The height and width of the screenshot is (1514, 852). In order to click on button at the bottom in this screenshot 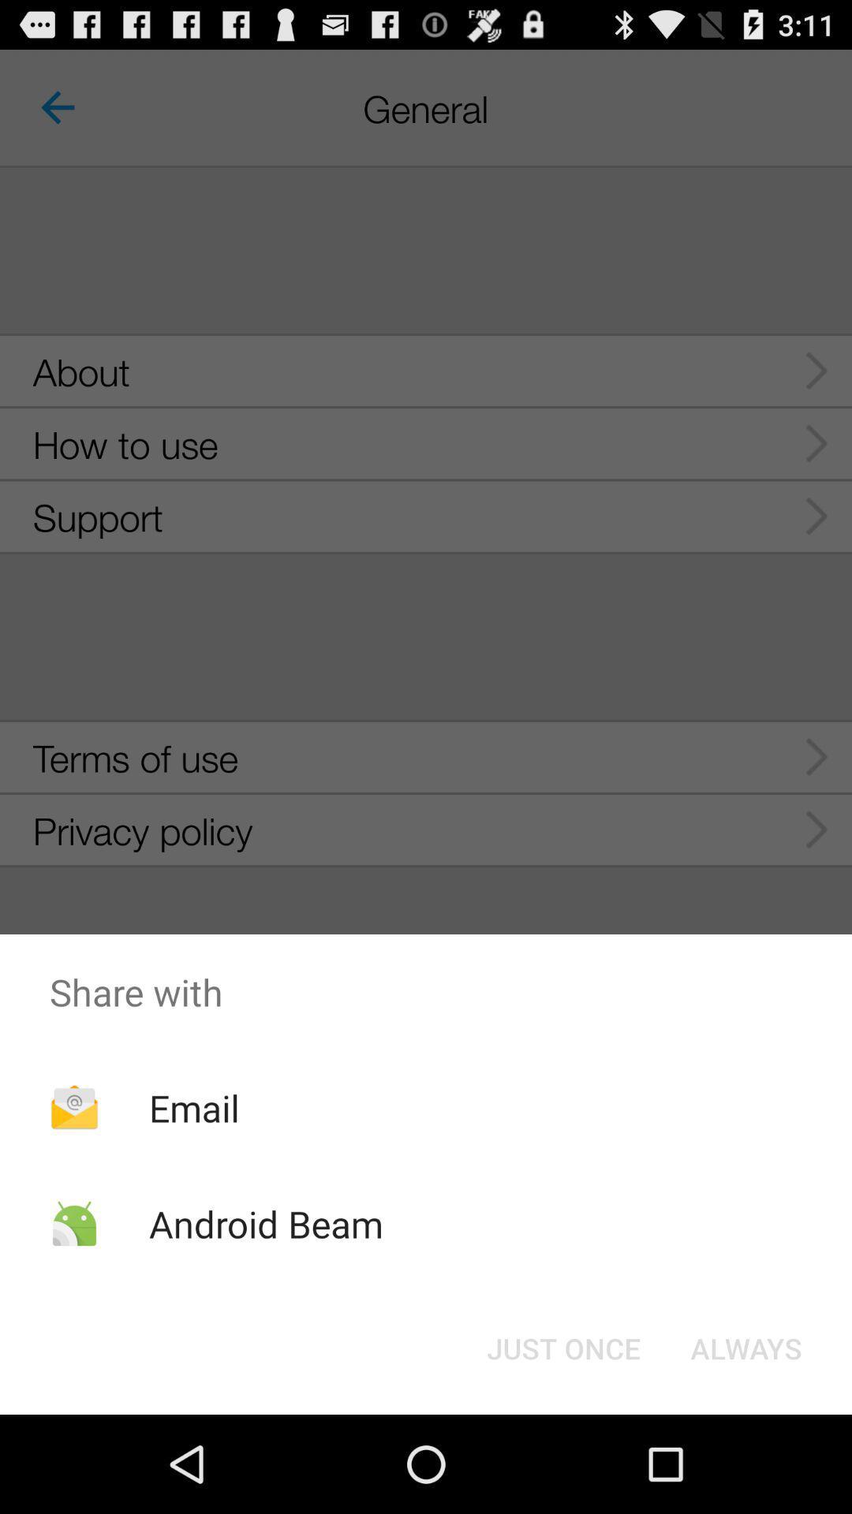, I will do `click(562, 1347)`.